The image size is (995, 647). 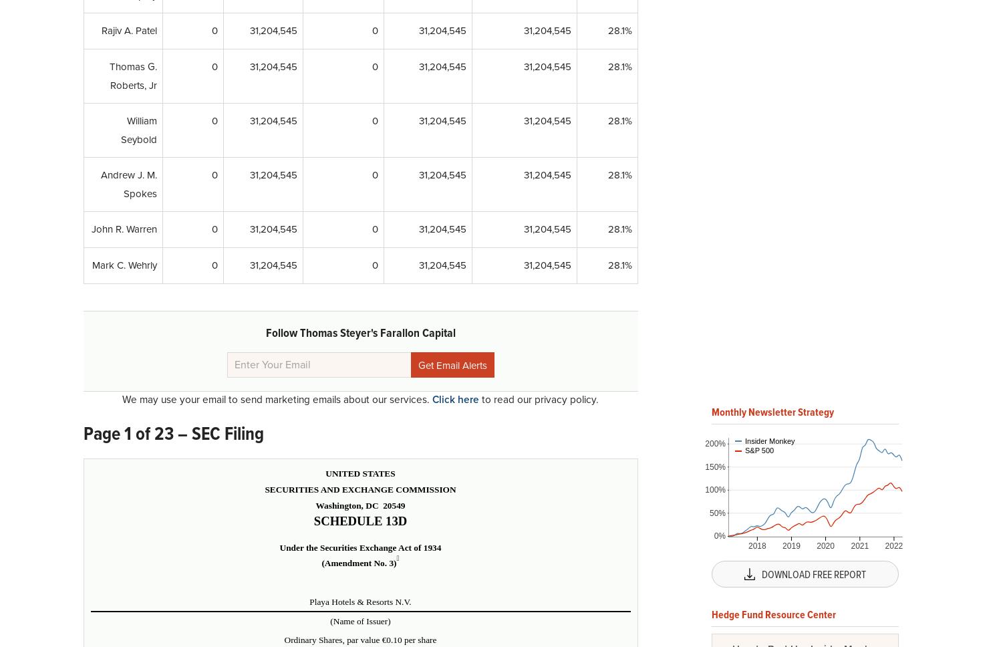 I want to click on 'UNITED STATES', so click(x=360, y=473).